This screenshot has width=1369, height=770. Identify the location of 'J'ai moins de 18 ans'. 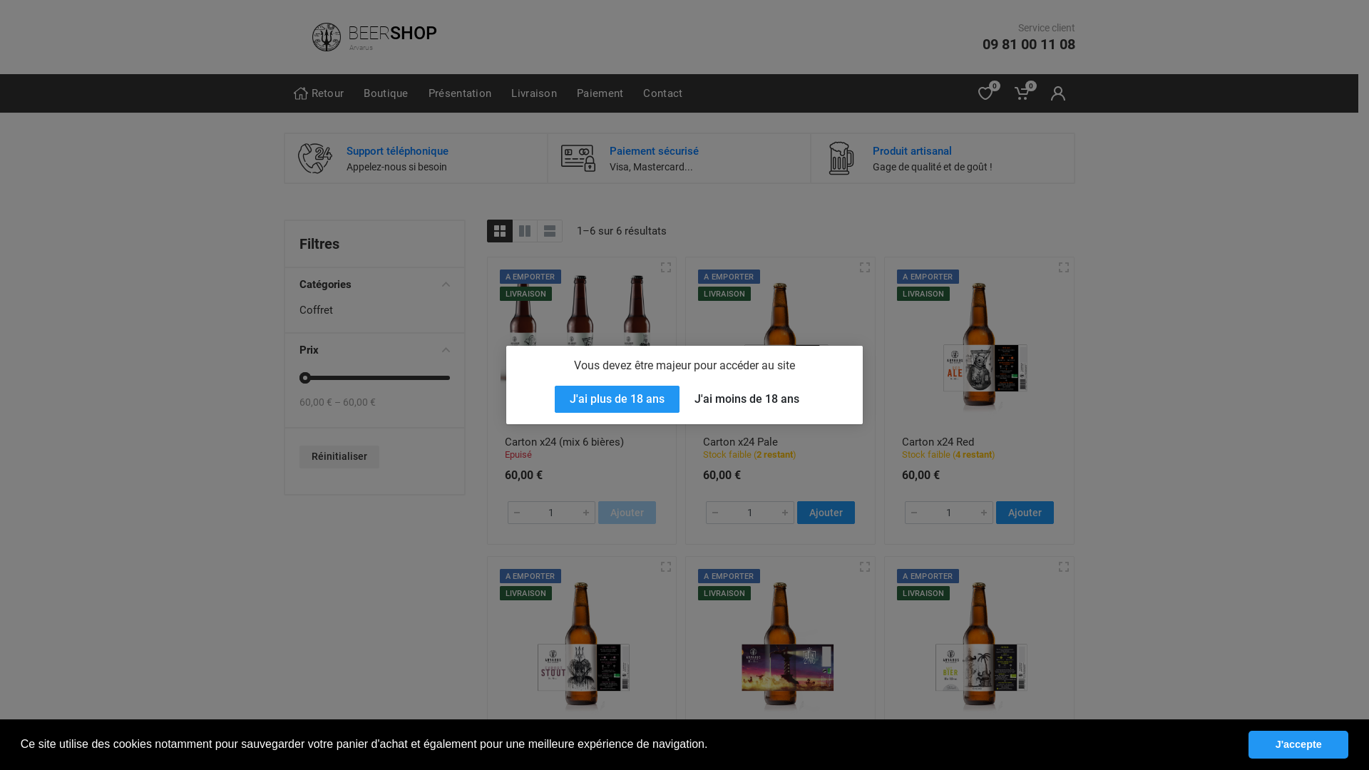
(746, 399).